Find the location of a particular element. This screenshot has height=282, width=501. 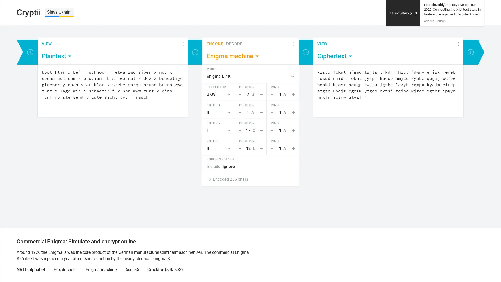

Step Down is located at coordinates (238, 149).